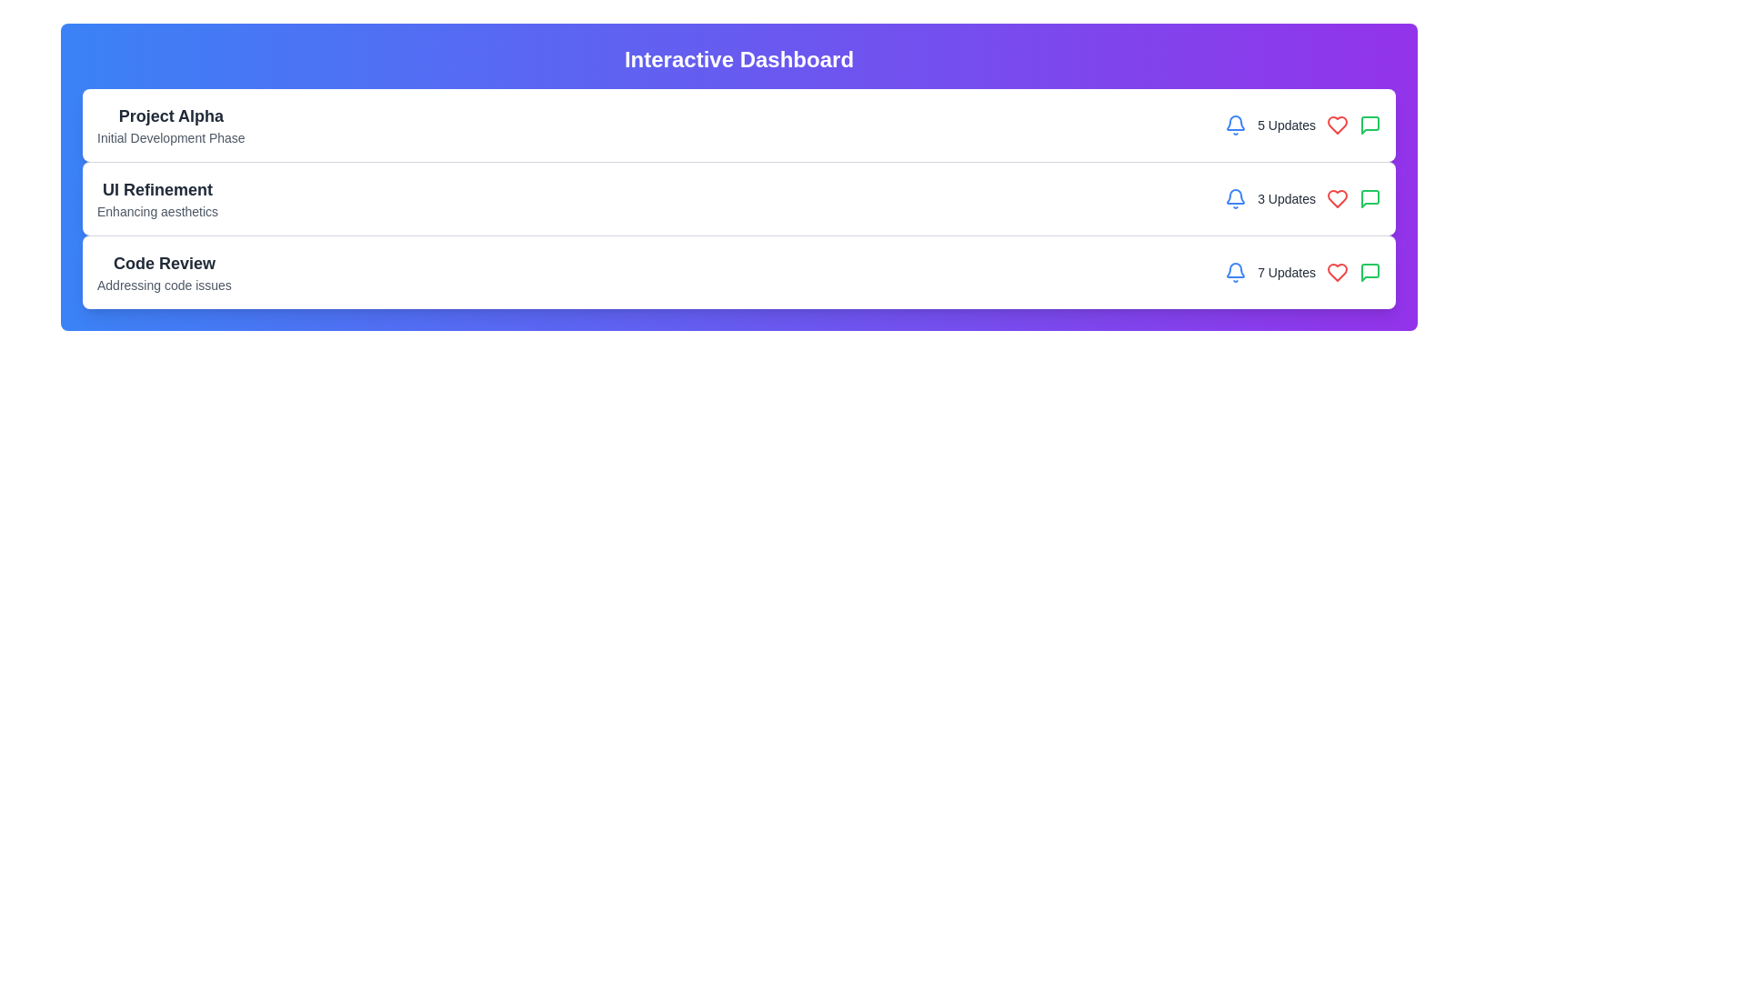  I want to click on the bell icon, which serves as a notification symbol indicating alerts or updates, located at the far left of a group of icons including a heart and a speech bubble, along with the text '7 Updates', so click(1236, 273).